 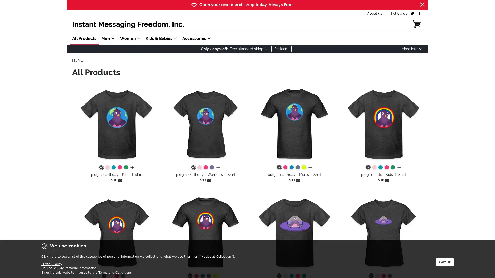 What do you see at coordinates (383, 233) in the screenshot?
I see `Pidgin UFO - Women's T-Shirt` at bounding box center [383, 233].